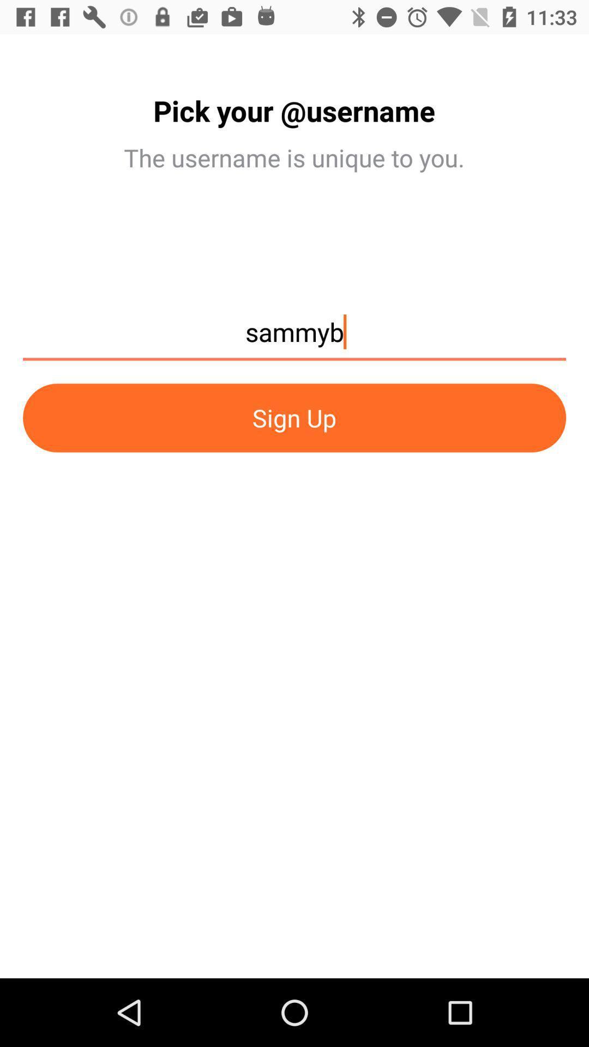 The image size is (589, 1047). Describe the element at coordinates (294, 337) in the screenshot. I see `icon above the sign up icon` at that location.